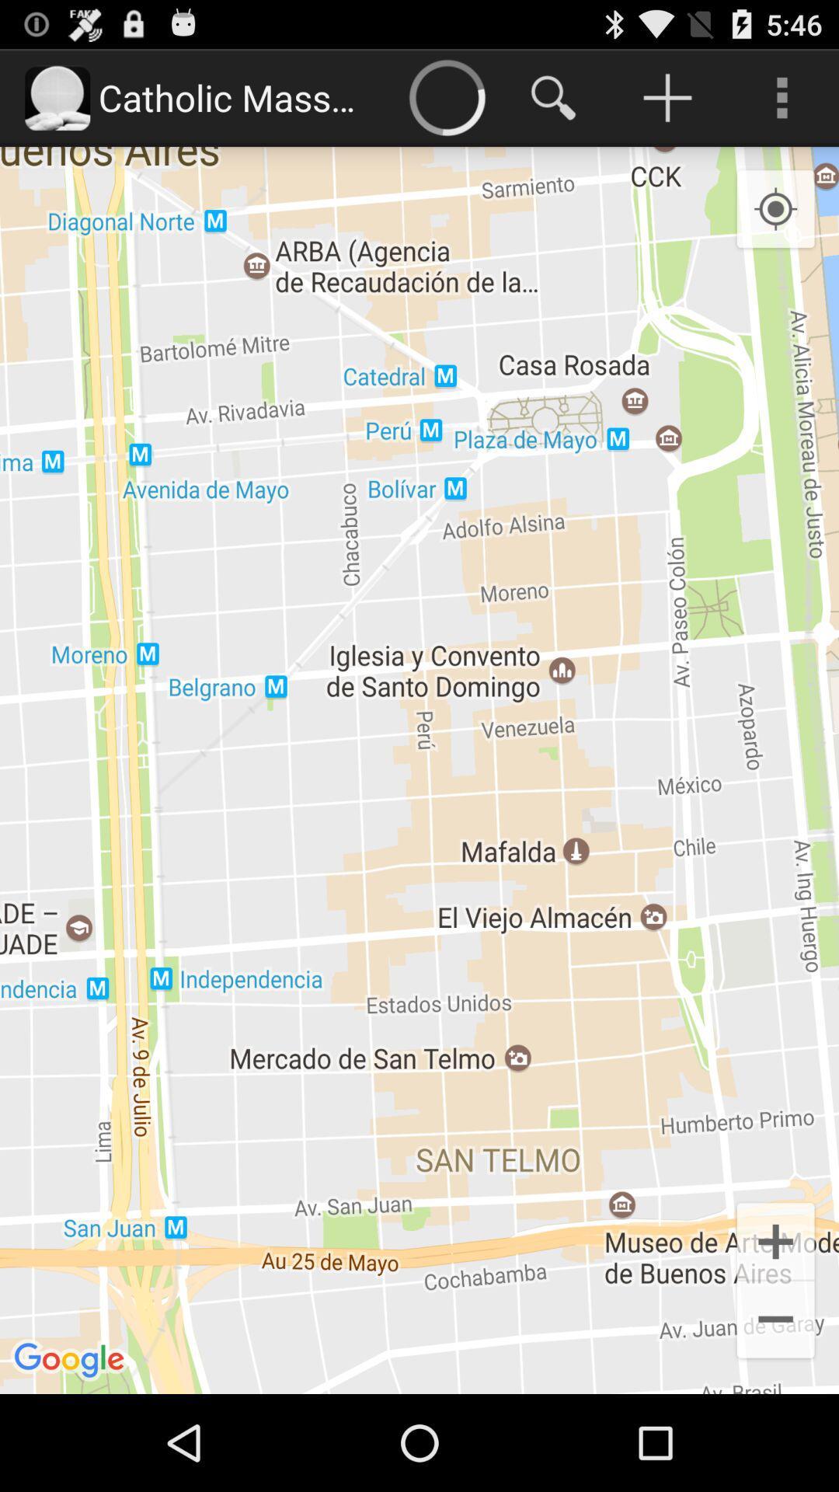 The height and width of the screenshot is (1492, 839). What do you see at coordinates (775, 1326) in the screenshot?
I see `the add icon` at bounding box center [775, 1326].